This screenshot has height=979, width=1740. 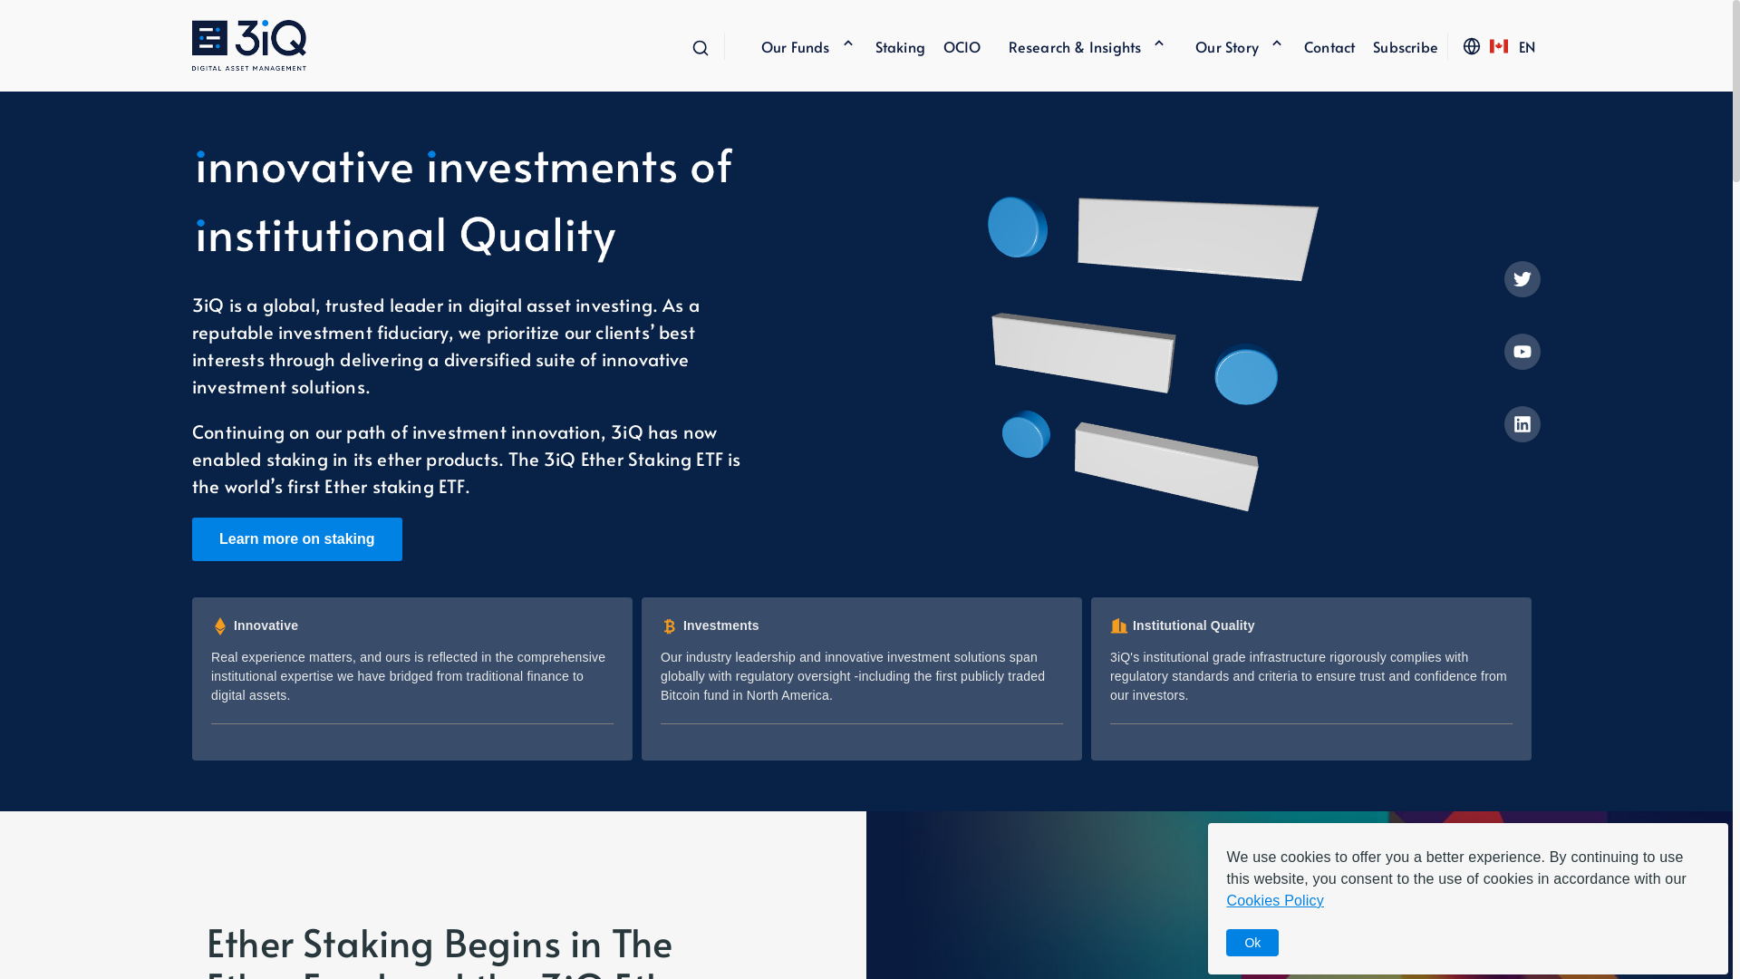 What do you see at coordinates (1168, 44) in the screenshot?
I see `'Our Story'` at bounding box center [1168, 44].